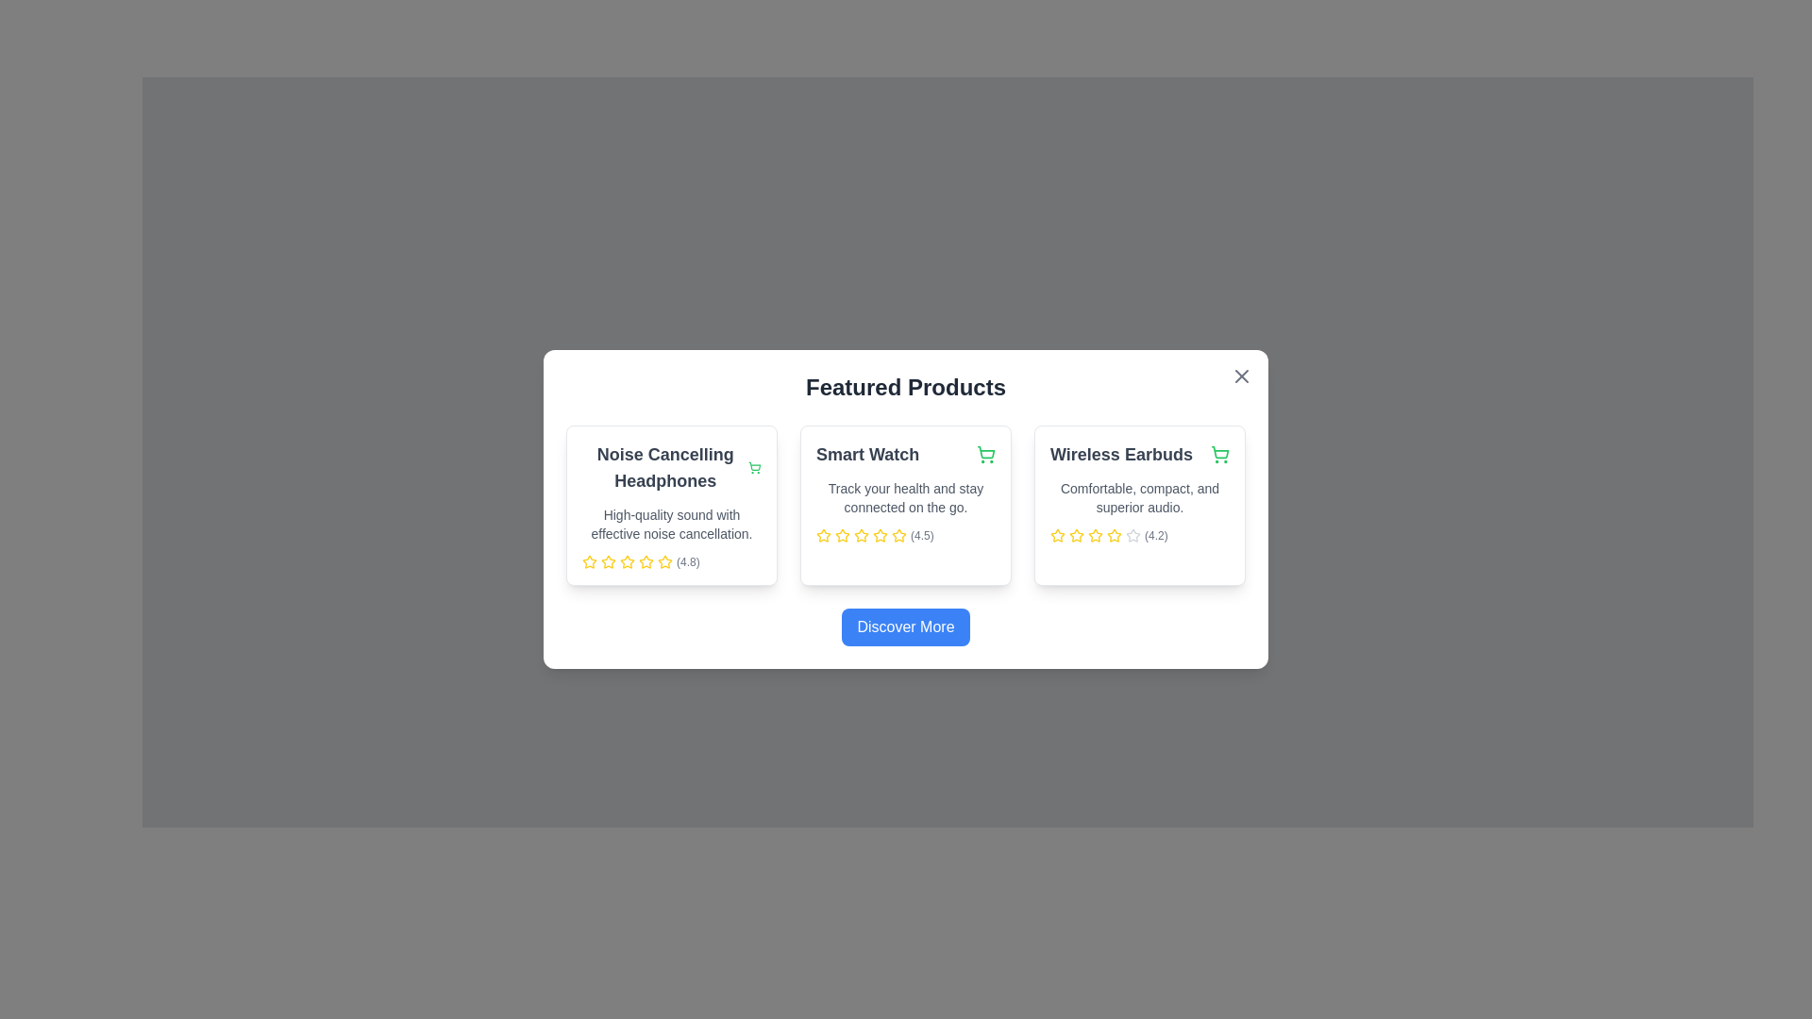 The height and width of the screenshot is (1019, 1812). I want to click on the fifth star icon in the five-star rating row for the 'Wireless Earbuds' product, located in the rightmost card of the product list, so click(1132, 535).